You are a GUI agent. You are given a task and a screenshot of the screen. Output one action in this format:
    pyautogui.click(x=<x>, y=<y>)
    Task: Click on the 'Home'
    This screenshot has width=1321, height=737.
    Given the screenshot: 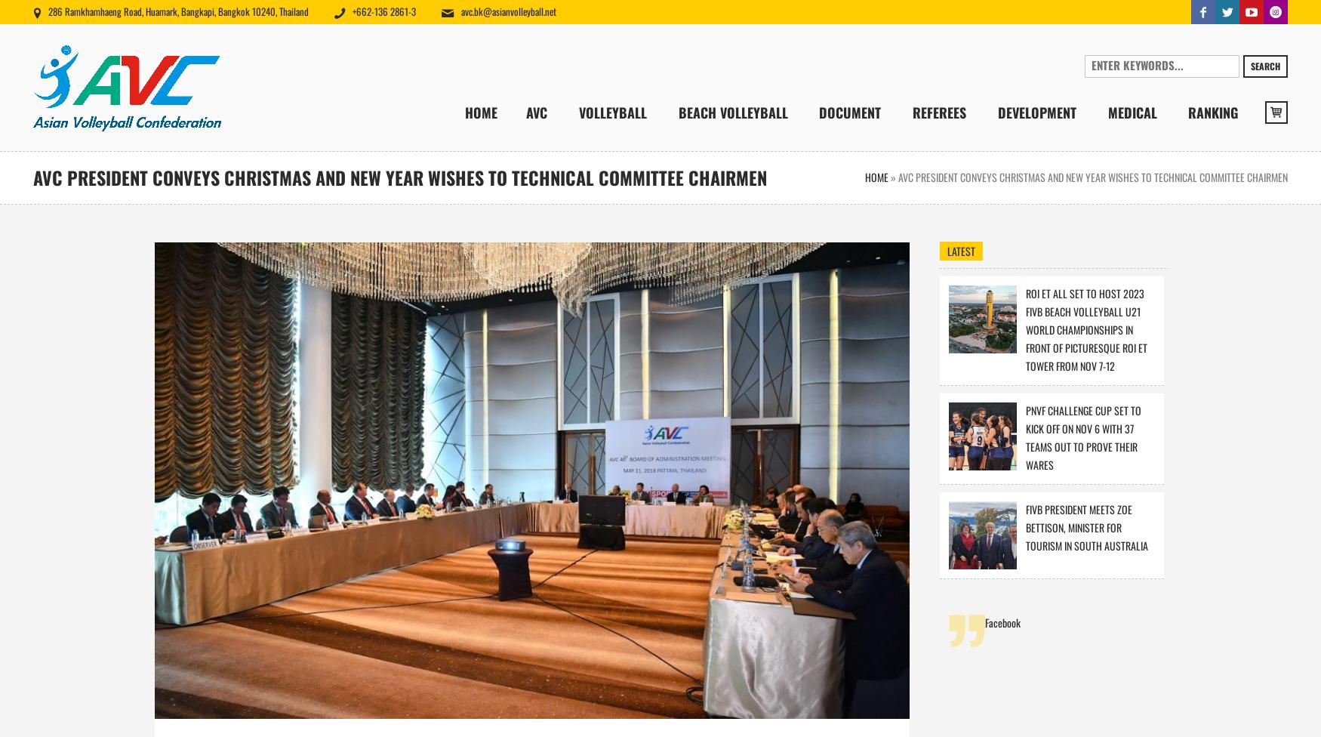 What is the action you would take?
    pyautogui.click(x=876, y=176)
    